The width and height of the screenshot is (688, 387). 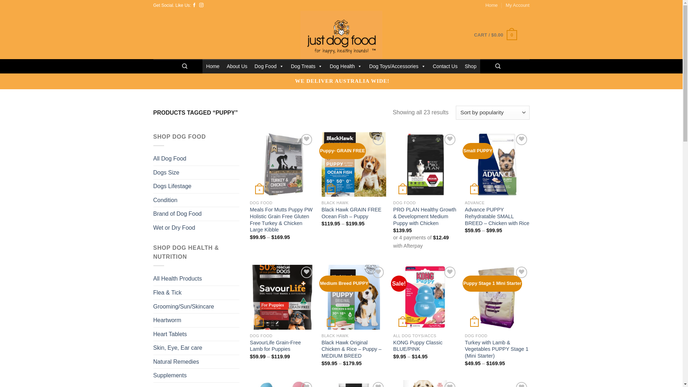 I want to click on 'Natural Remedies', so click(x=153, y=362).